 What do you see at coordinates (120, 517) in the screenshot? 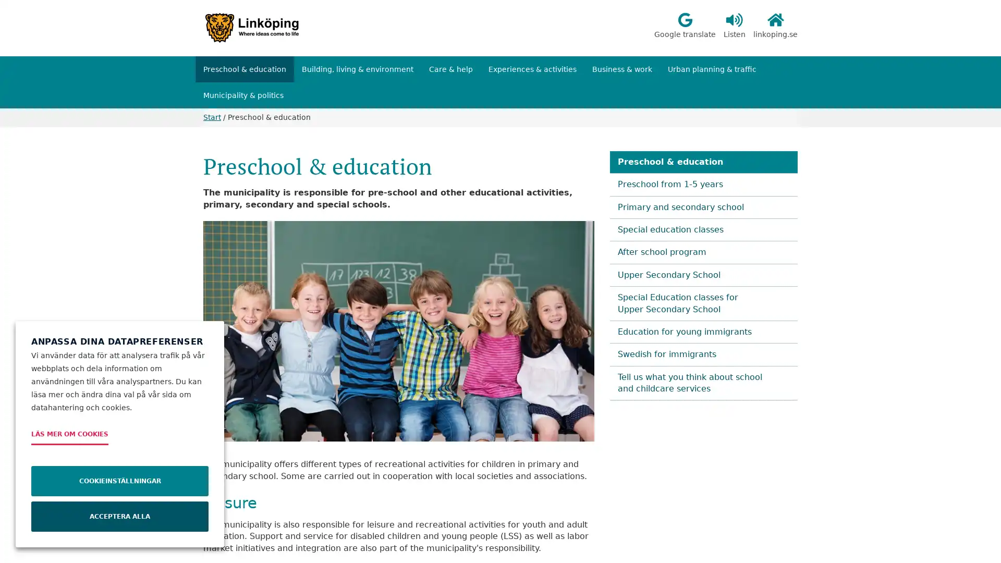
I see `ACCEPTERA ALLA` at bounding box center [120, 517].